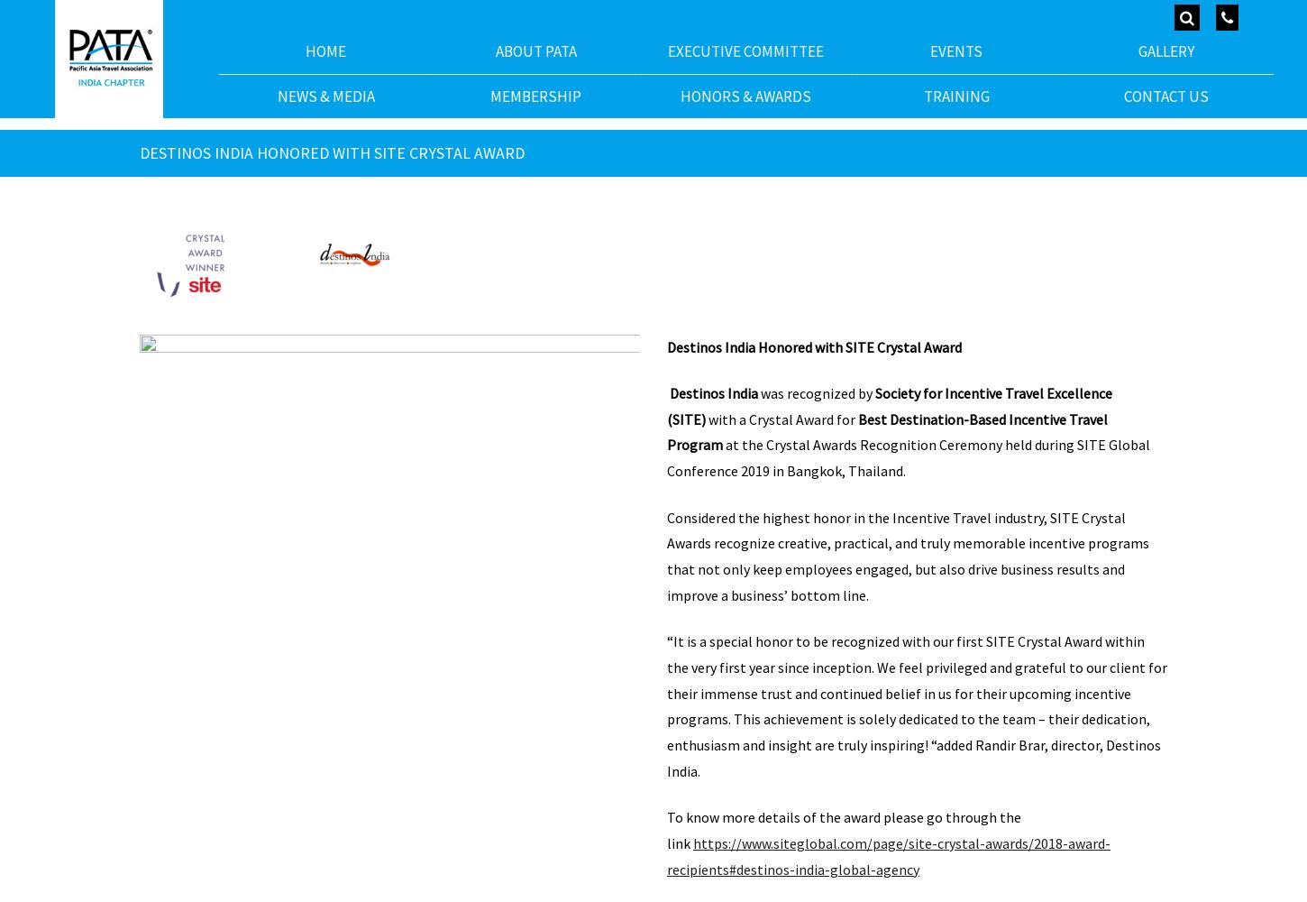  Describe the element at coordinates (909, 457) in the screenshot. I see `'at the Crystal Awards Recognition Ceremony held during SITE Global Conference 2019 in Bangkok, Thailand.'` at that location.